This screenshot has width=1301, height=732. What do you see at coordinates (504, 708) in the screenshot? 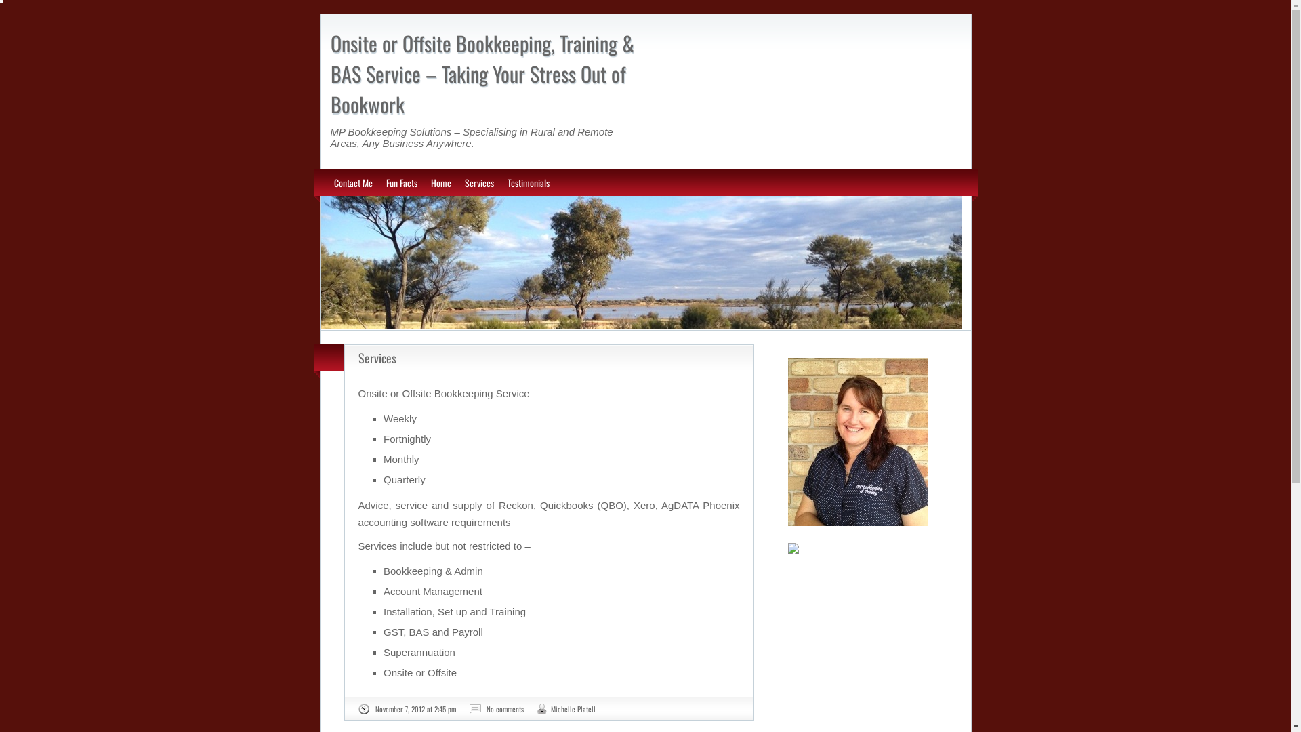
I see `'No comments'` at bounding box center [504, 708].